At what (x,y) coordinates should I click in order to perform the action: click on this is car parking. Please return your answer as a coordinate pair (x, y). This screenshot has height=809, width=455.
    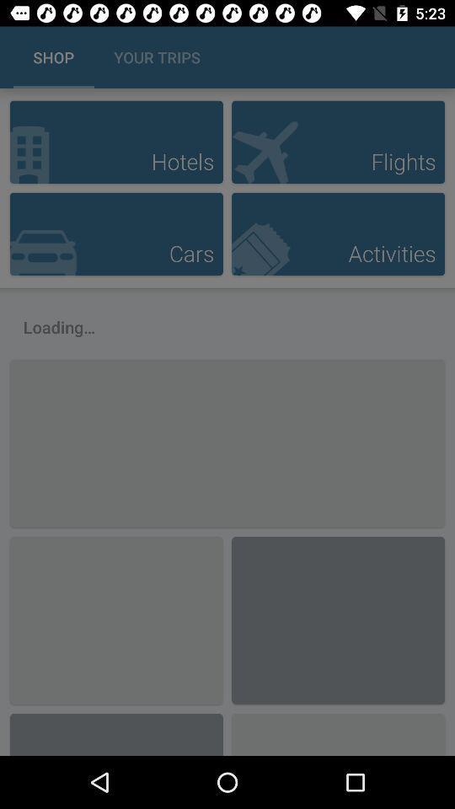
    Looking at the image, I should click on (115, 233).